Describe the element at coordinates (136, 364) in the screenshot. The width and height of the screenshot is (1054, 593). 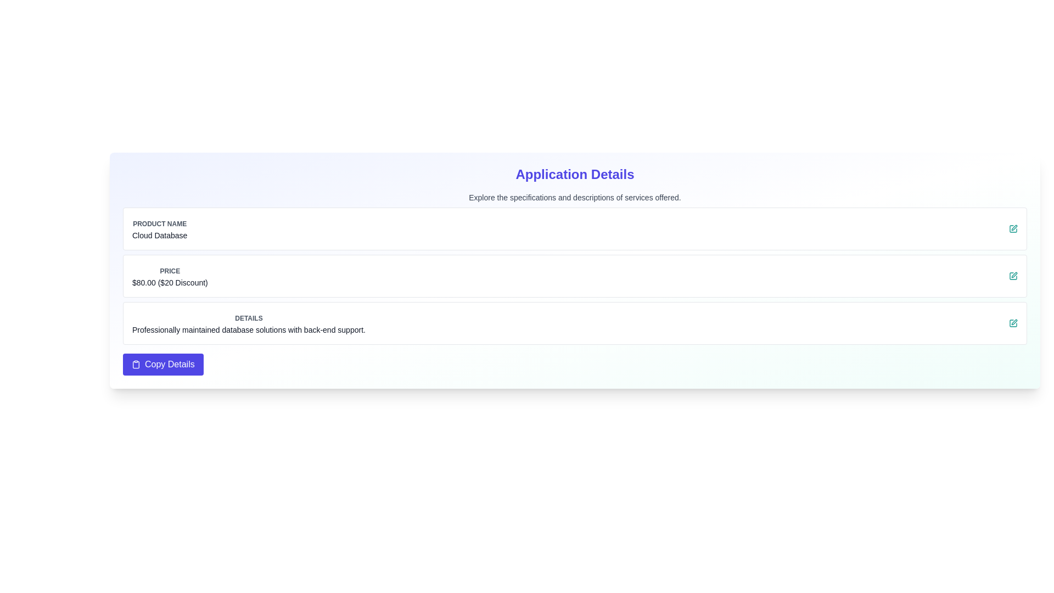
I see `the clipboard icon located on the left side of the 'Copy Details' button at the bottom left corner of the form` at that location.